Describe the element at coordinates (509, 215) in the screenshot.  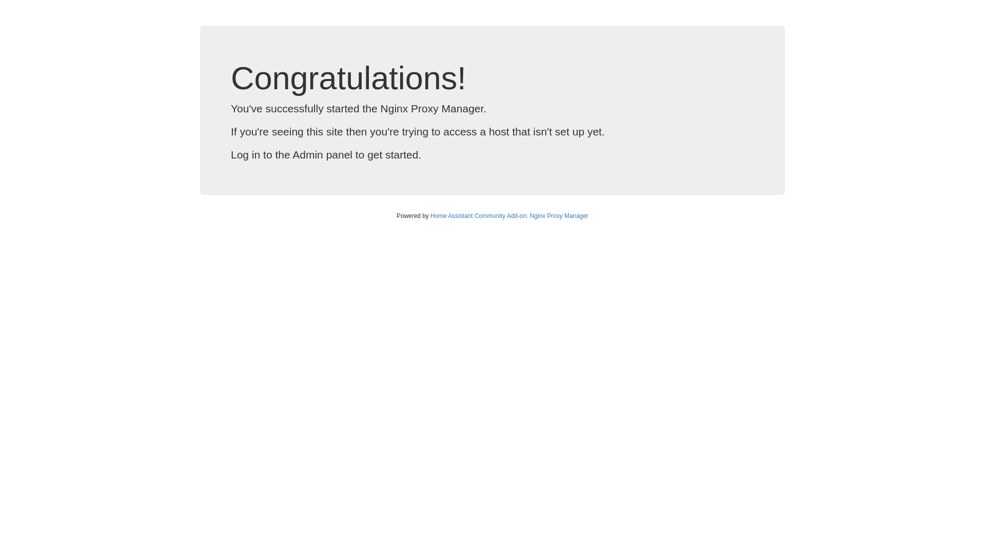
I see `'Home Assistant Community Add-on: Nginx Proxy Manager'` at that location.